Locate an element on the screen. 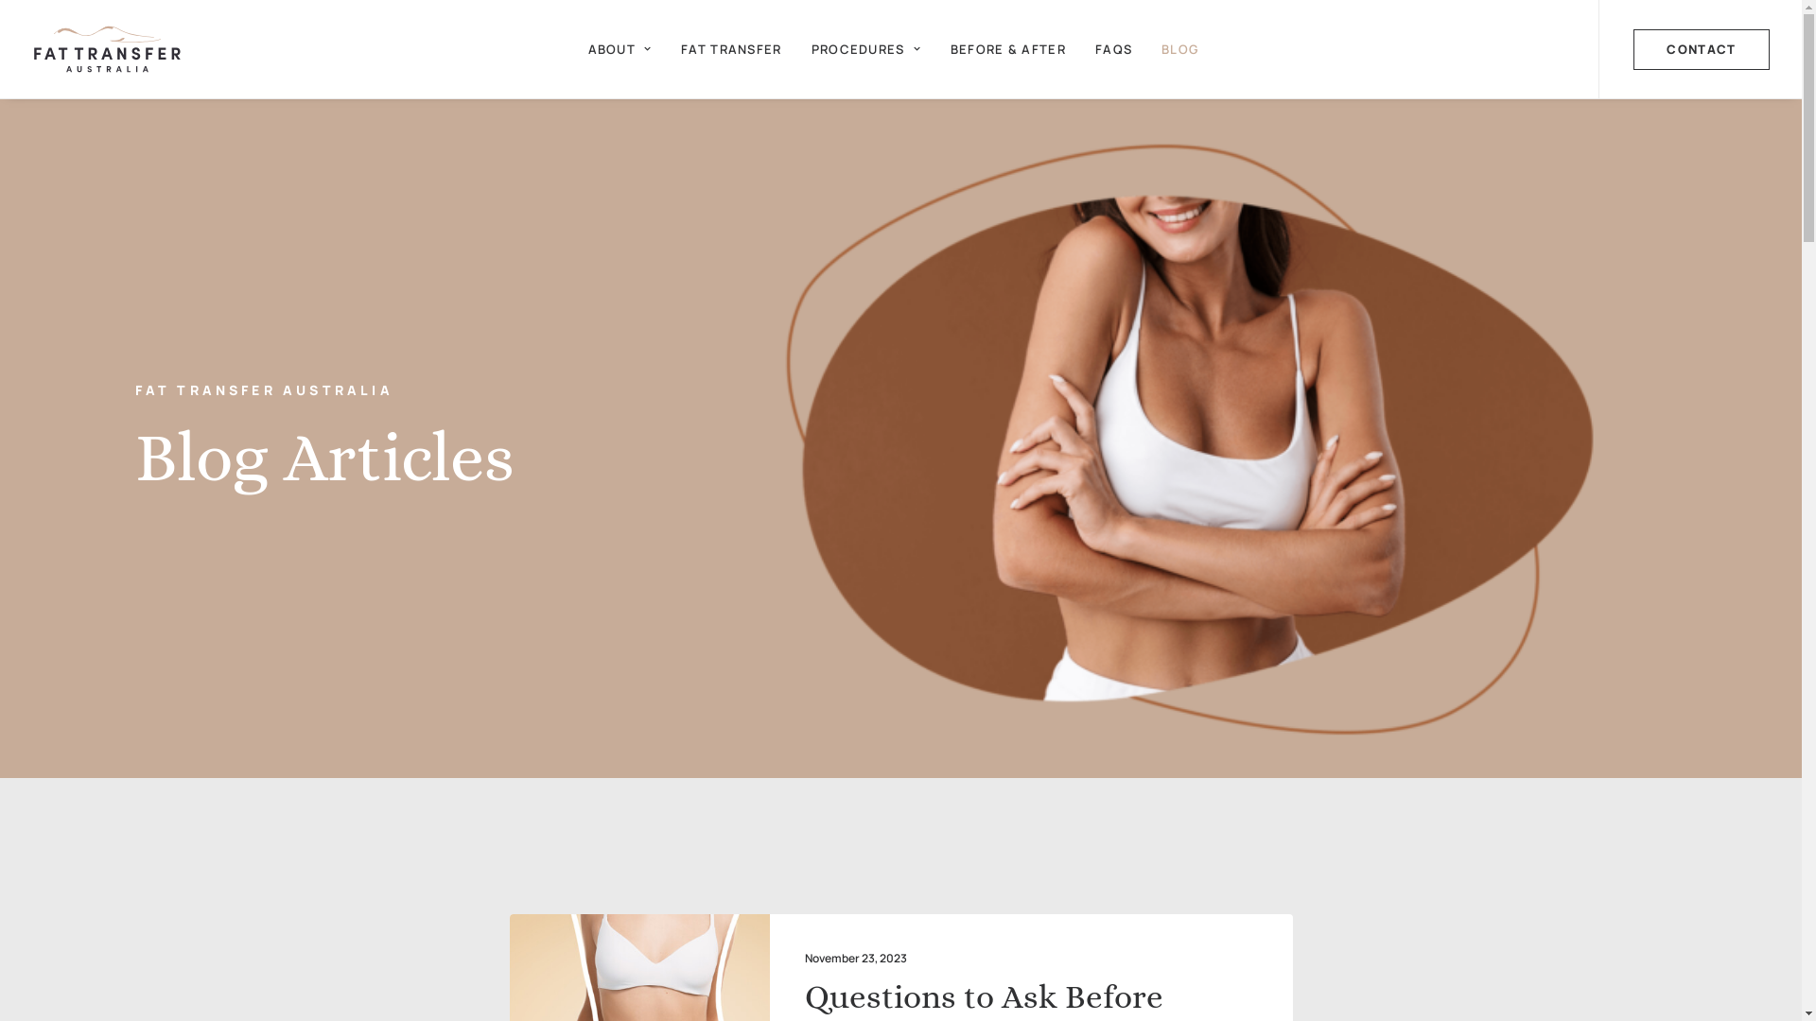 This screenshot has height=1021, width=1816. 'PROCEDURES' is located at coordinates (865, 47).